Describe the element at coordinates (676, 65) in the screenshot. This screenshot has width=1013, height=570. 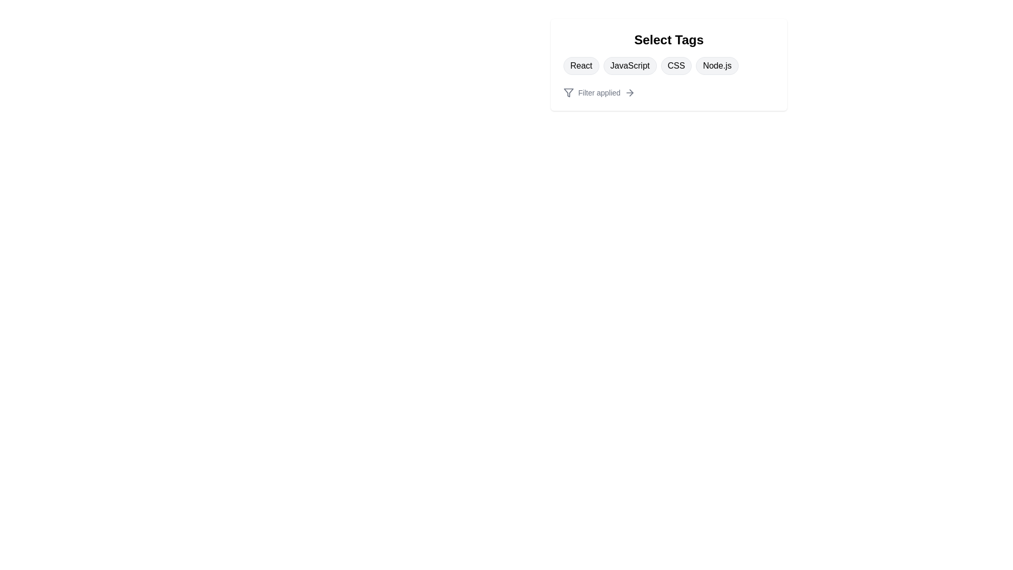
I see `the Pill-shaped interactive tag button for the category 'CSS'` at that location.